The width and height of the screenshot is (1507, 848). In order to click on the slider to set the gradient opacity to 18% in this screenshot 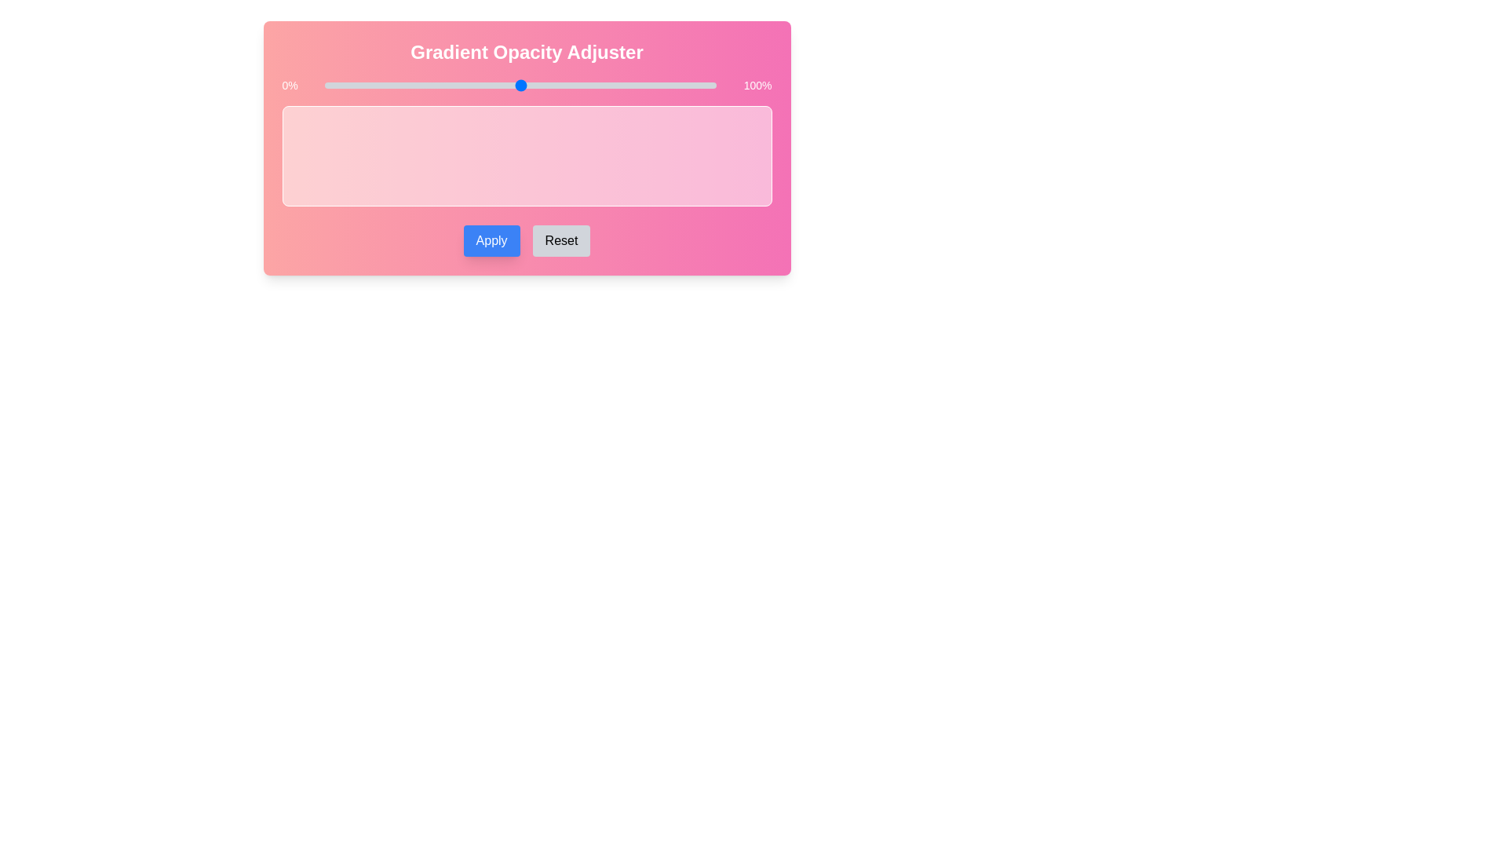, I will do `click(396, 85)`.